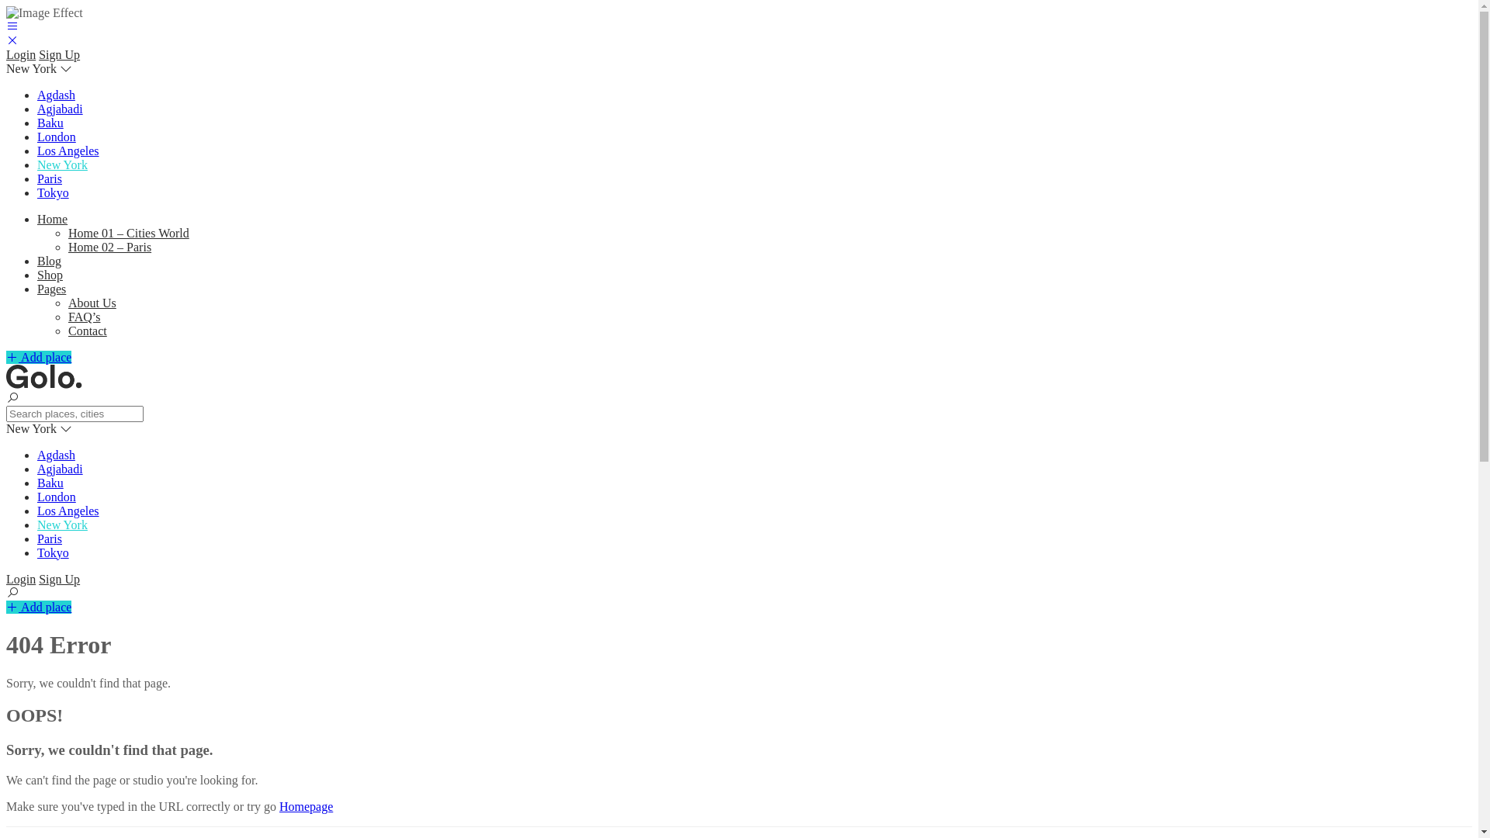 The width and height of the screenshot is (1490, 838). I want to click on 'London', so click(56, 136).